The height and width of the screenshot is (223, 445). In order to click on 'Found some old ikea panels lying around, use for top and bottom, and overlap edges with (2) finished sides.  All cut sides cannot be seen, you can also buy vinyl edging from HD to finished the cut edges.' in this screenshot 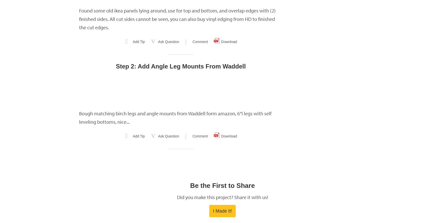, I will do `click(177, 19)`.